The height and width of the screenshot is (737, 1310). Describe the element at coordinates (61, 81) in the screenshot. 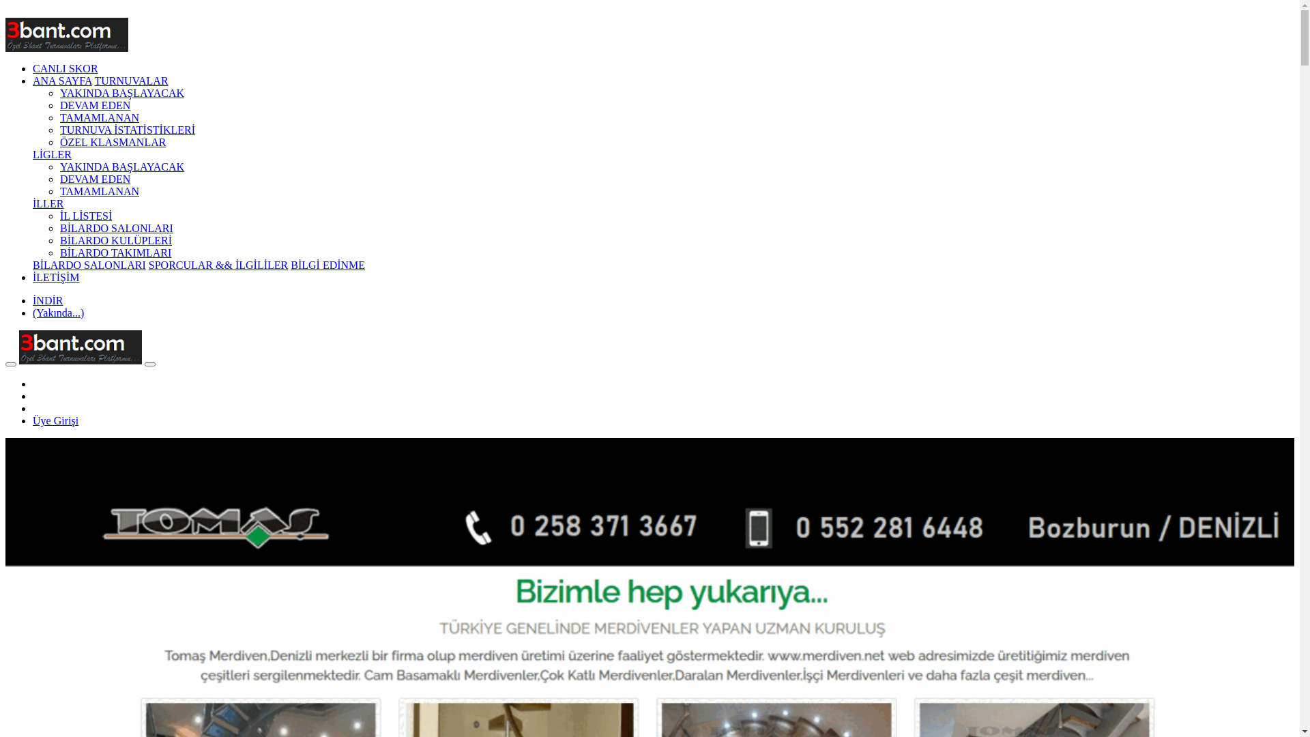

I see `'ANA SAYFA'` at that location.